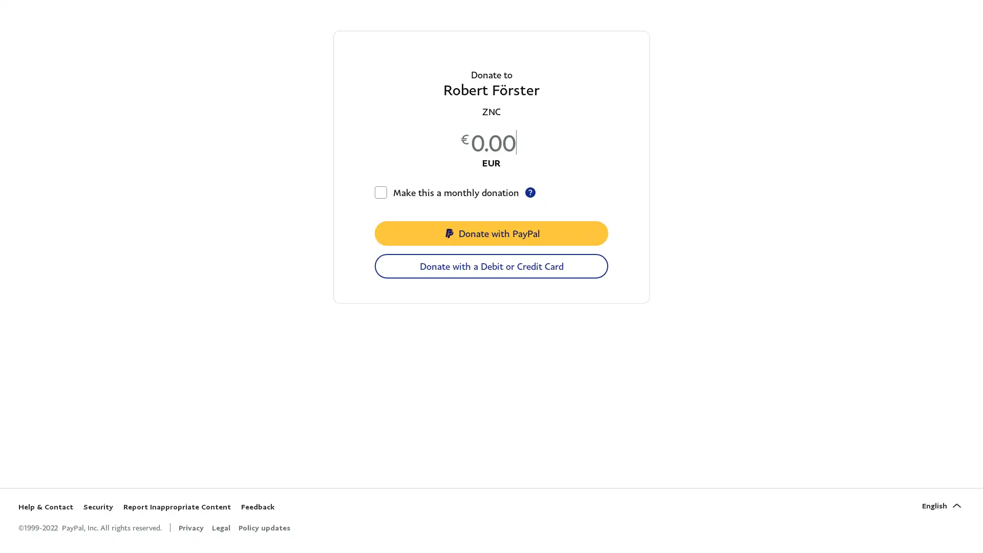  Describe the element at coordinates (530, 192) in the screenshot. I see `recurring-checkbox-tooltip` at that location.